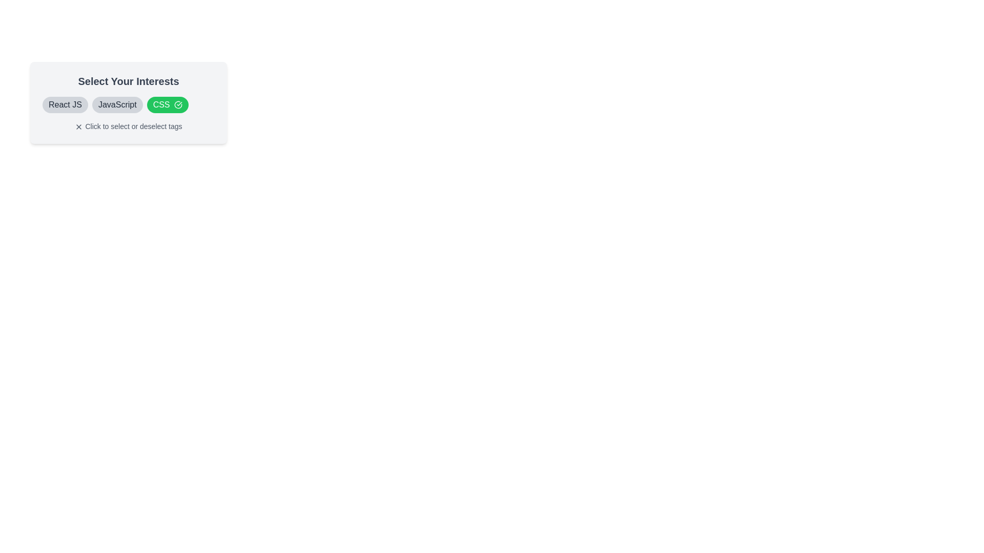 This screenshot has height=553, width=984. Describe the element at coordinates (65, 104) in the screenshot. I see `the 'React JS' tag/chip, which is a rounded rectangular label with black text on a gray background, located in the 'Select Your Interests' section` at that location.